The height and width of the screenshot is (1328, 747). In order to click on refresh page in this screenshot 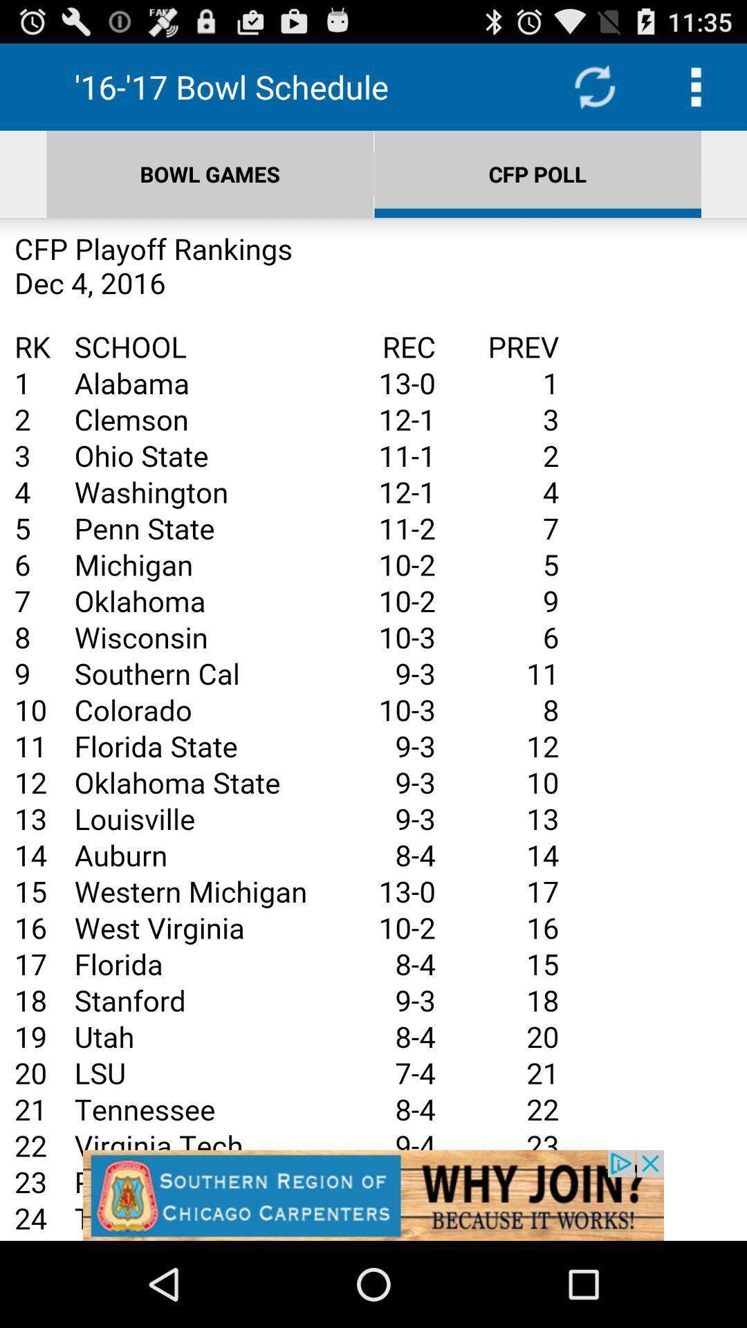, I will do `click(593, 86)`.